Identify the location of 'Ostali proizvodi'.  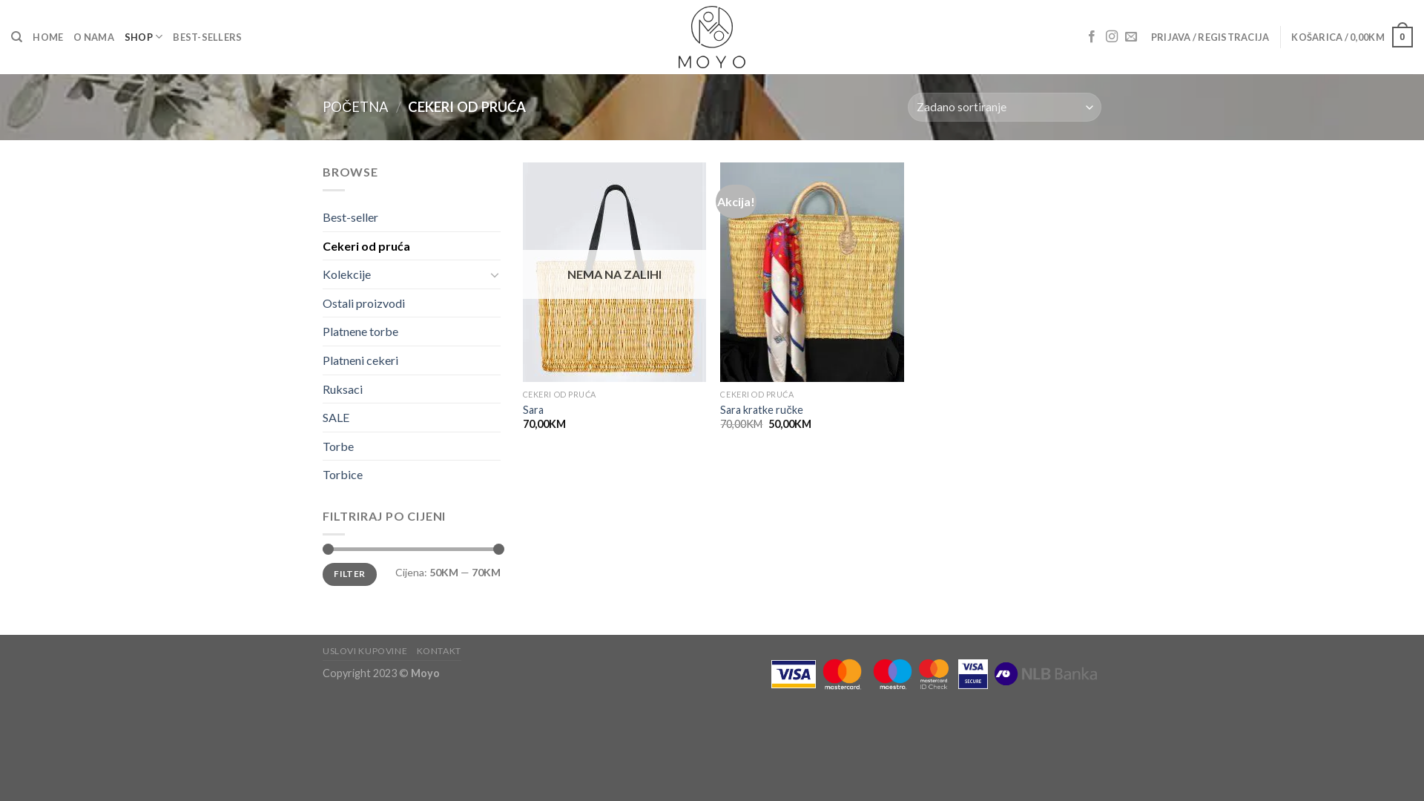
(412, 302).